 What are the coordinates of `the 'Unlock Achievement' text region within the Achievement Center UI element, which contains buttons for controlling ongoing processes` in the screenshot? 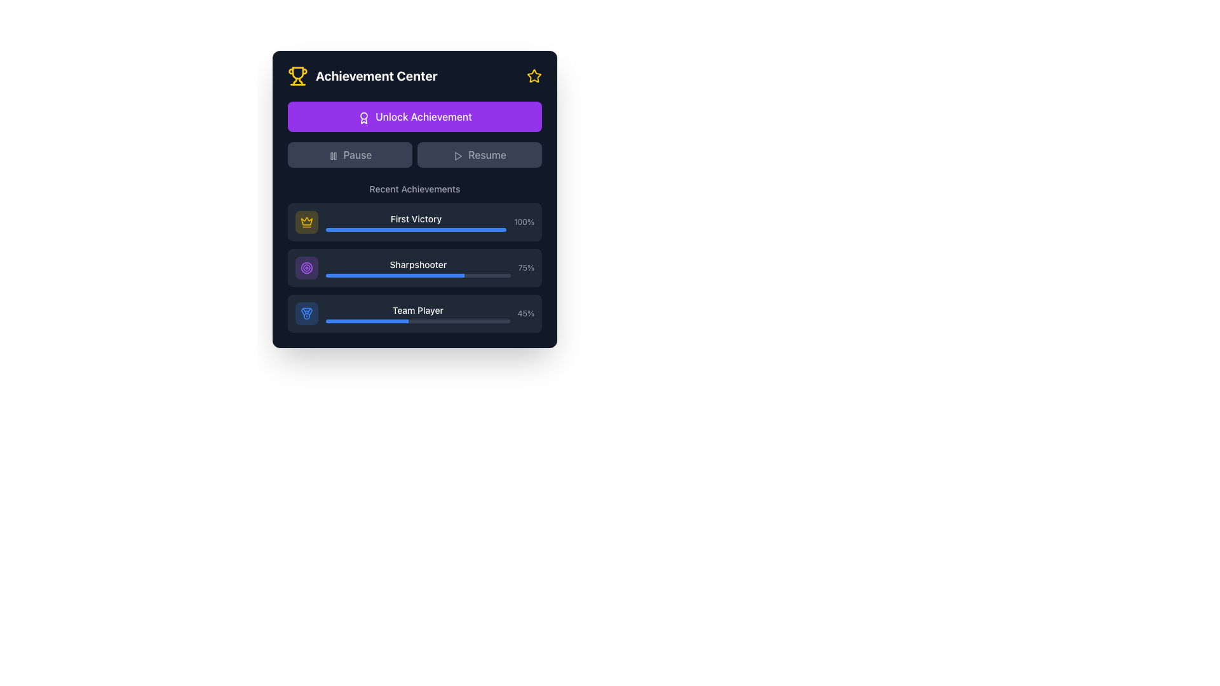 It's located at (414, 135).